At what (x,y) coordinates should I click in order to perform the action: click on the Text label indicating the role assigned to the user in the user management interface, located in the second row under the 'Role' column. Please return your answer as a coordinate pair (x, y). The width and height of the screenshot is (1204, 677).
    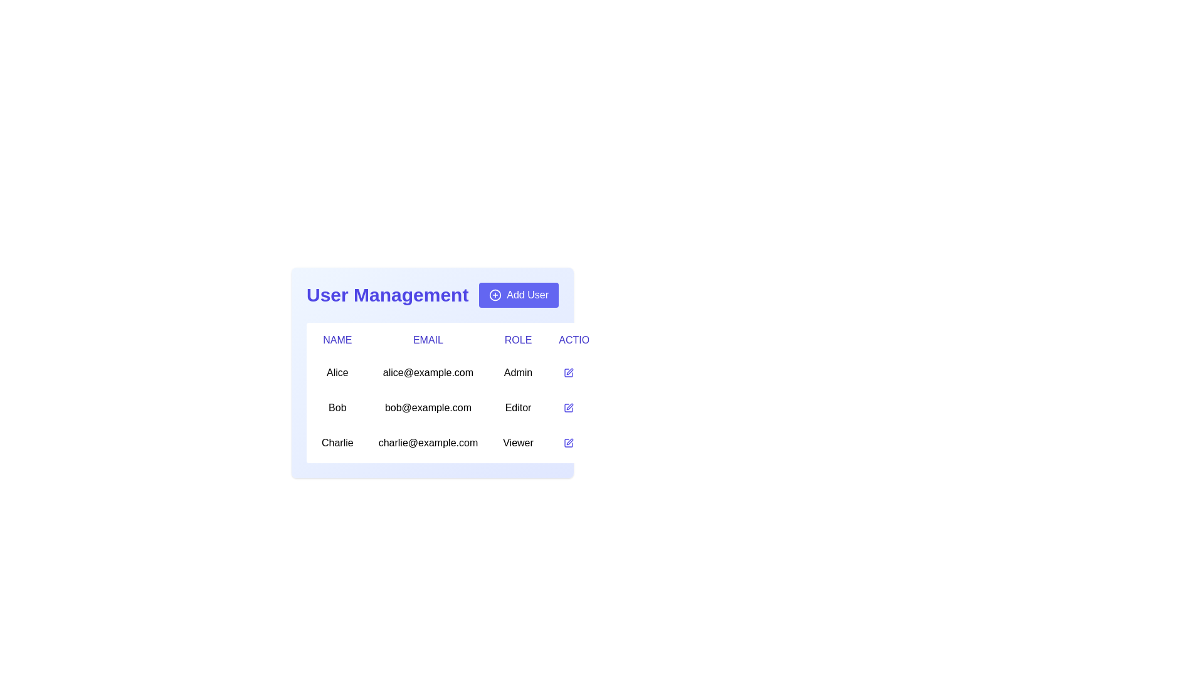
    Looking at the image, I should click on (518, 408).